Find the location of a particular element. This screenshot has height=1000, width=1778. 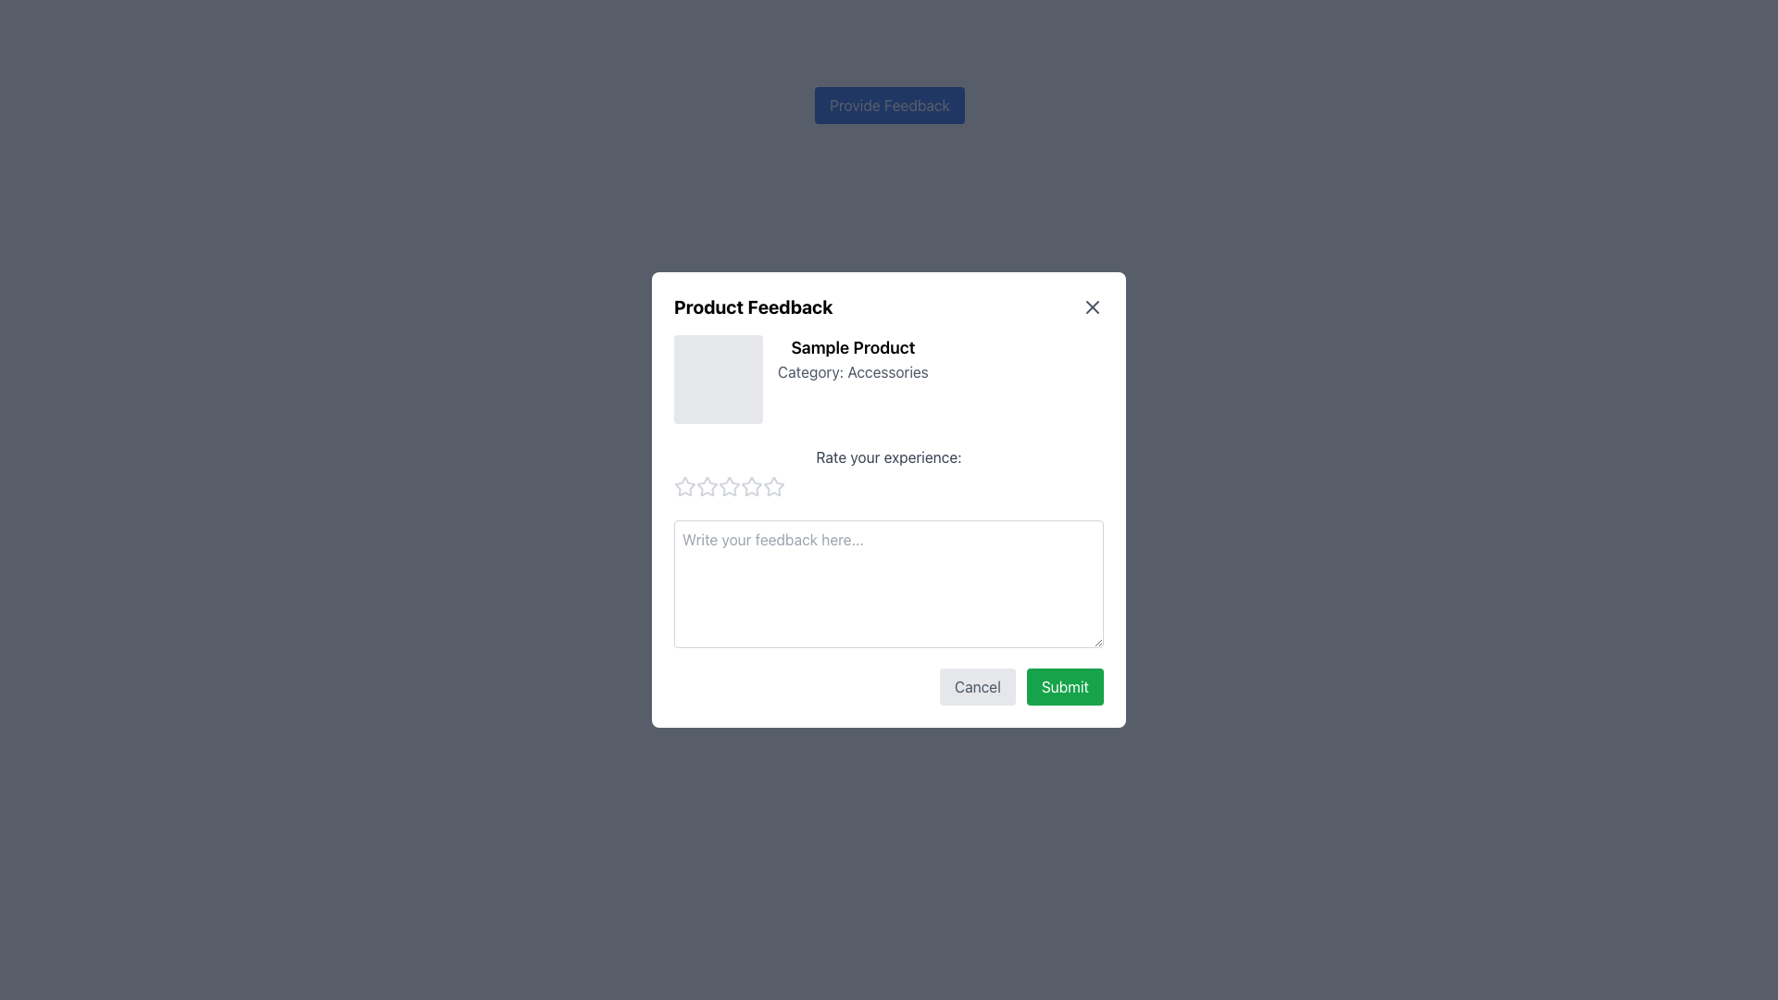

the feedback input textarea, which is located within the feedback modal below the 'Rate your experience:' section and above the 'Cancel' and 'Submit' buttons is located at coordinates (889, 584).